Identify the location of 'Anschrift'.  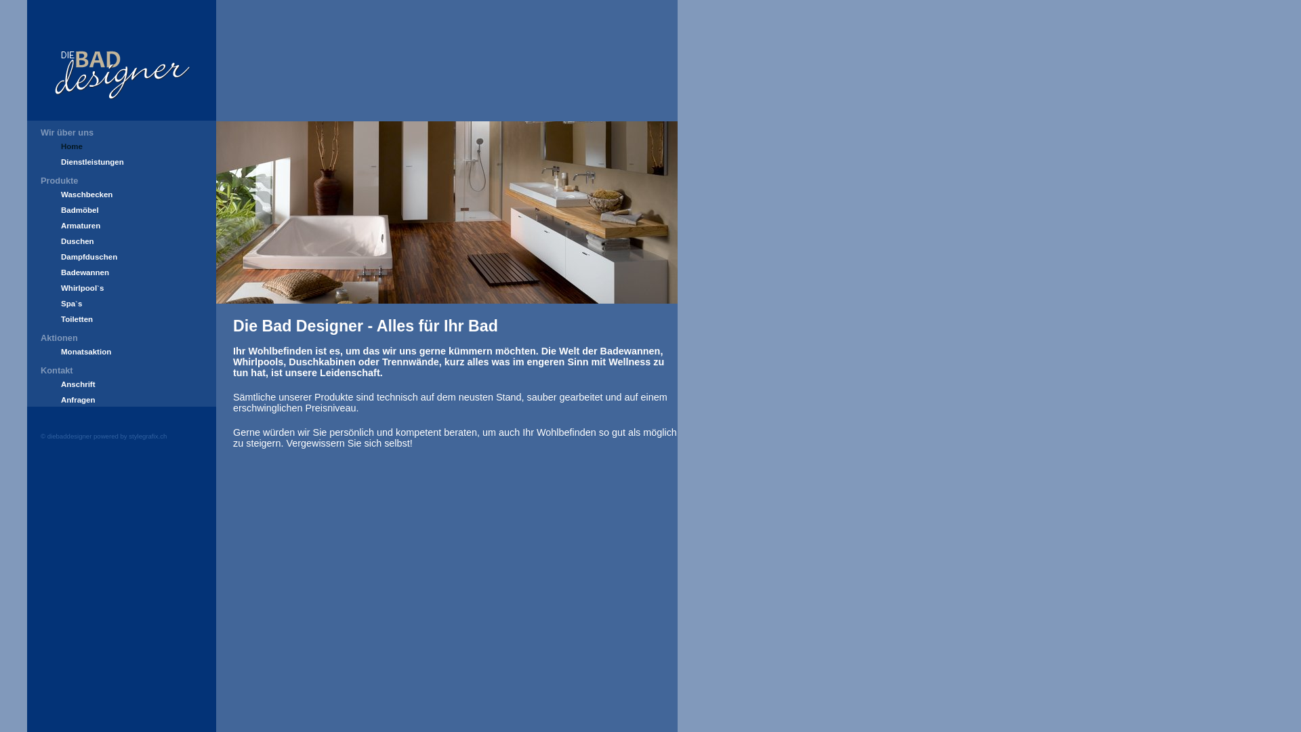
(77, 384).